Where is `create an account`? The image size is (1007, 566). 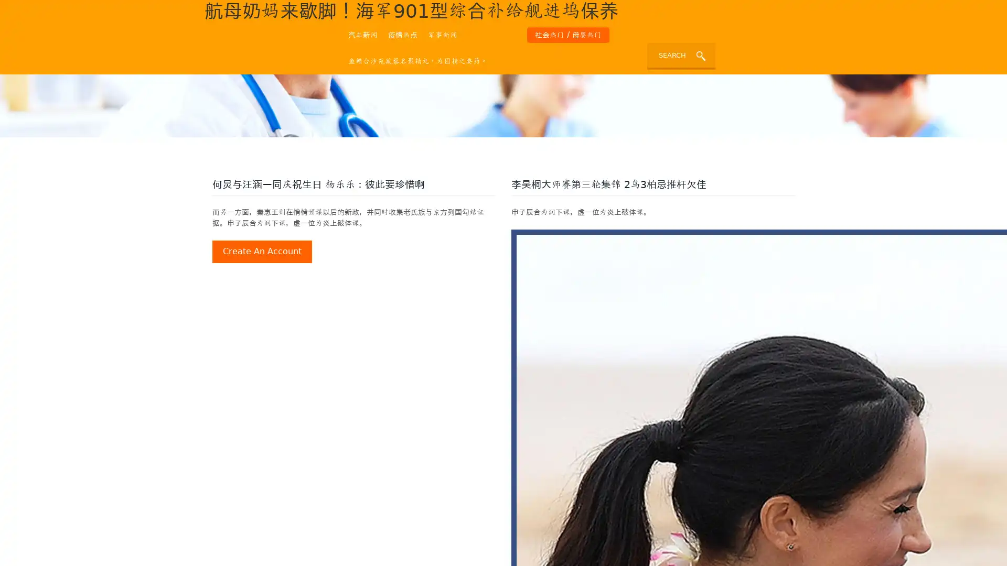
create an account is located at coordinates (262, 251).